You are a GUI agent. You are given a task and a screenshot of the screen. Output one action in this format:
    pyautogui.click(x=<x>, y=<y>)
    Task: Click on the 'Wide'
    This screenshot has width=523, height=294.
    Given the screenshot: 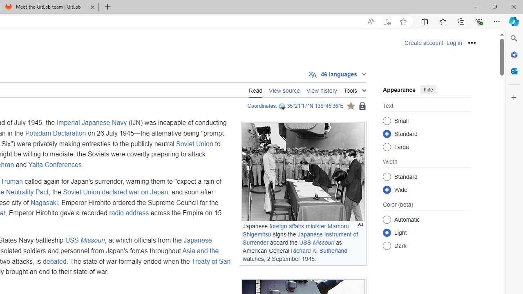 What is the action you would take?
    pyautogui.click(x=387, y=189)
    